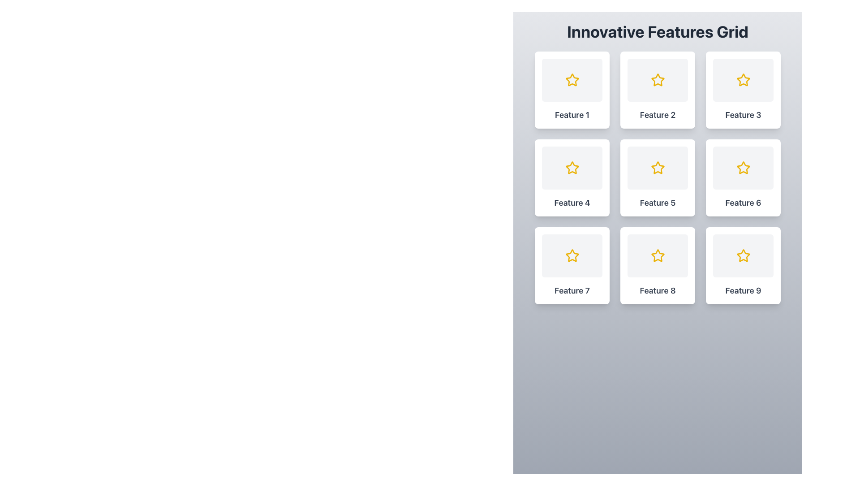 The height and width of the screenshot is (484, 860). Describe the element at coordinates (658, 255) in the screenshot. I see `the visual star icon with a yellow outline and hollow center, located in the second row, third column of the grid labeled 'Feature 8'` at that location.